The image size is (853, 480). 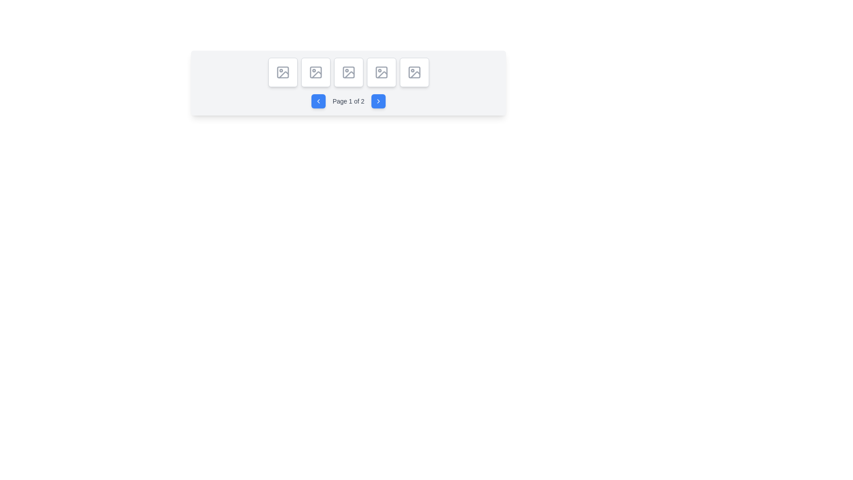 What do you see at coordinates (318, 100) in the screenshot?
I see `the left-facing chevron icon embedded within the blue button on the pagination bar` at bounding box center [318, 100].